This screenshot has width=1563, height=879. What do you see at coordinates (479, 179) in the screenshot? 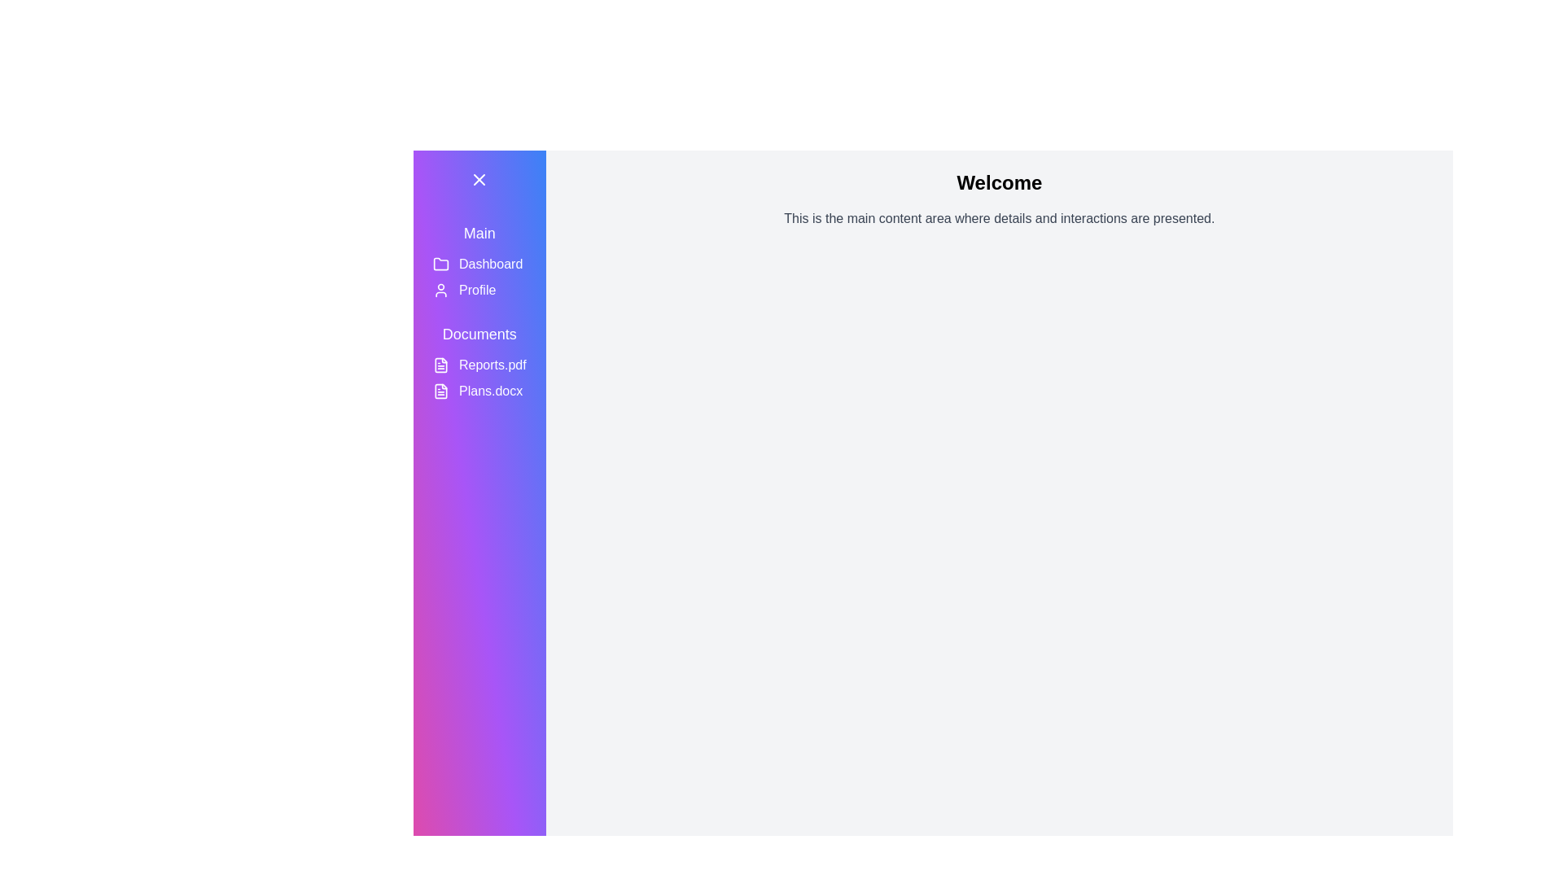
I see `the icon button located at the uppermost section of the vertical sidebar` at bounding box center [479, 179].